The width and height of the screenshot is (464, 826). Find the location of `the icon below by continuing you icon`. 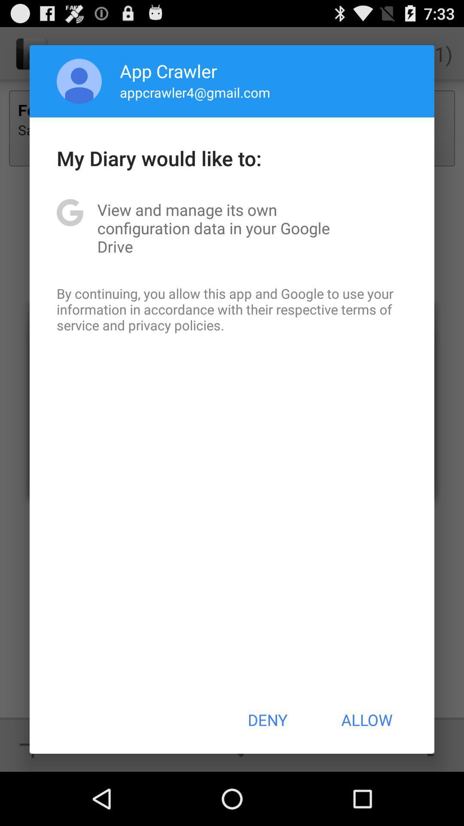

the icon below by continuing you icon is located at coordinates (267, 720).